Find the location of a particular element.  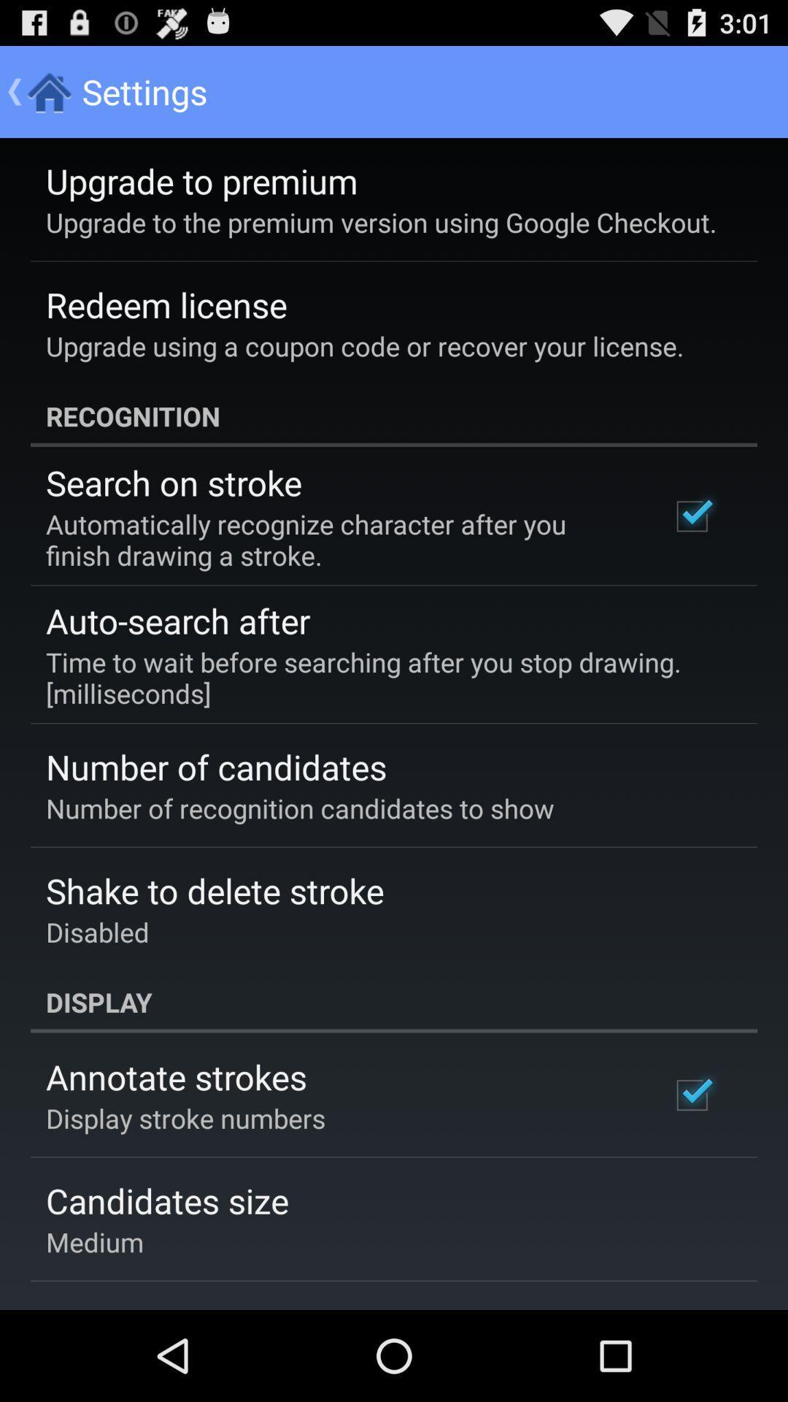

the app below the search on stroke is located at coordinates (338, 539).